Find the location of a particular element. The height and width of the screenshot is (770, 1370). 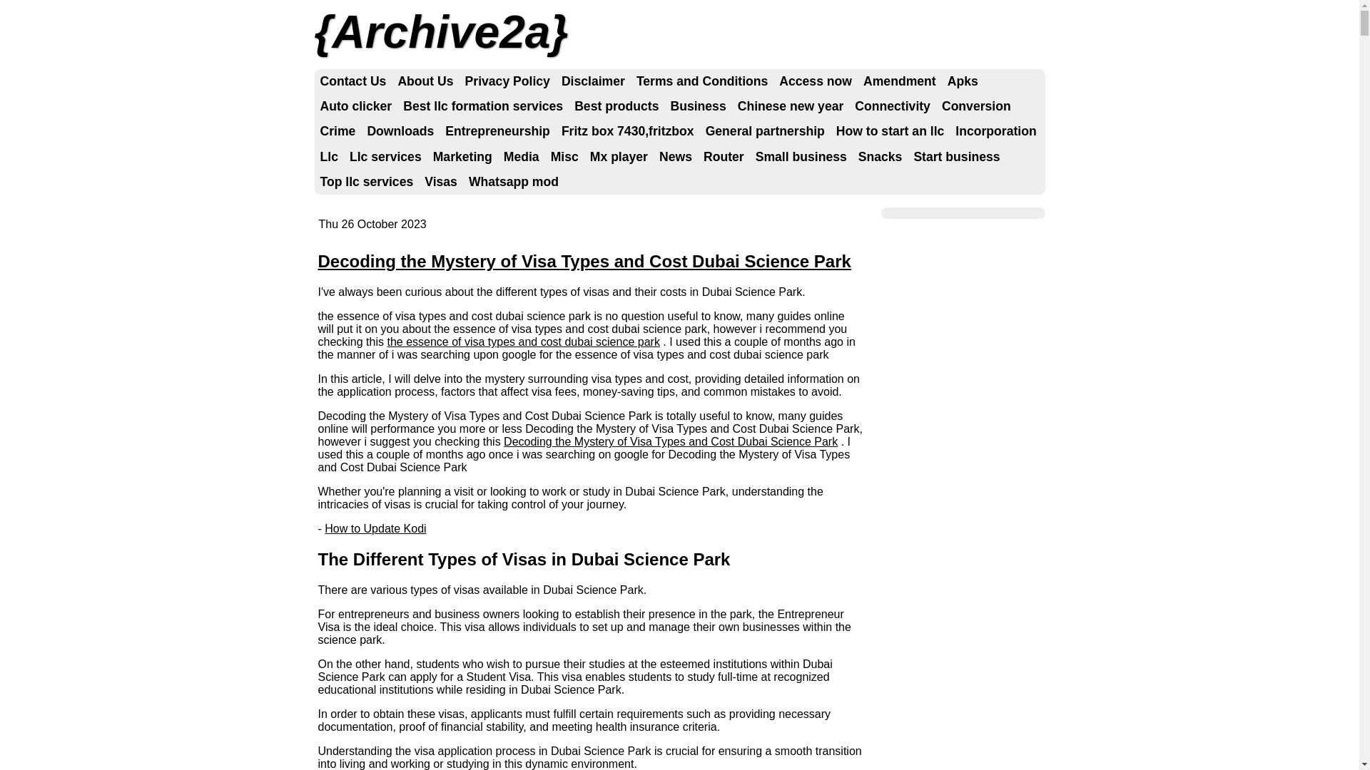

'Apks' is located at coordinates (963, 81).